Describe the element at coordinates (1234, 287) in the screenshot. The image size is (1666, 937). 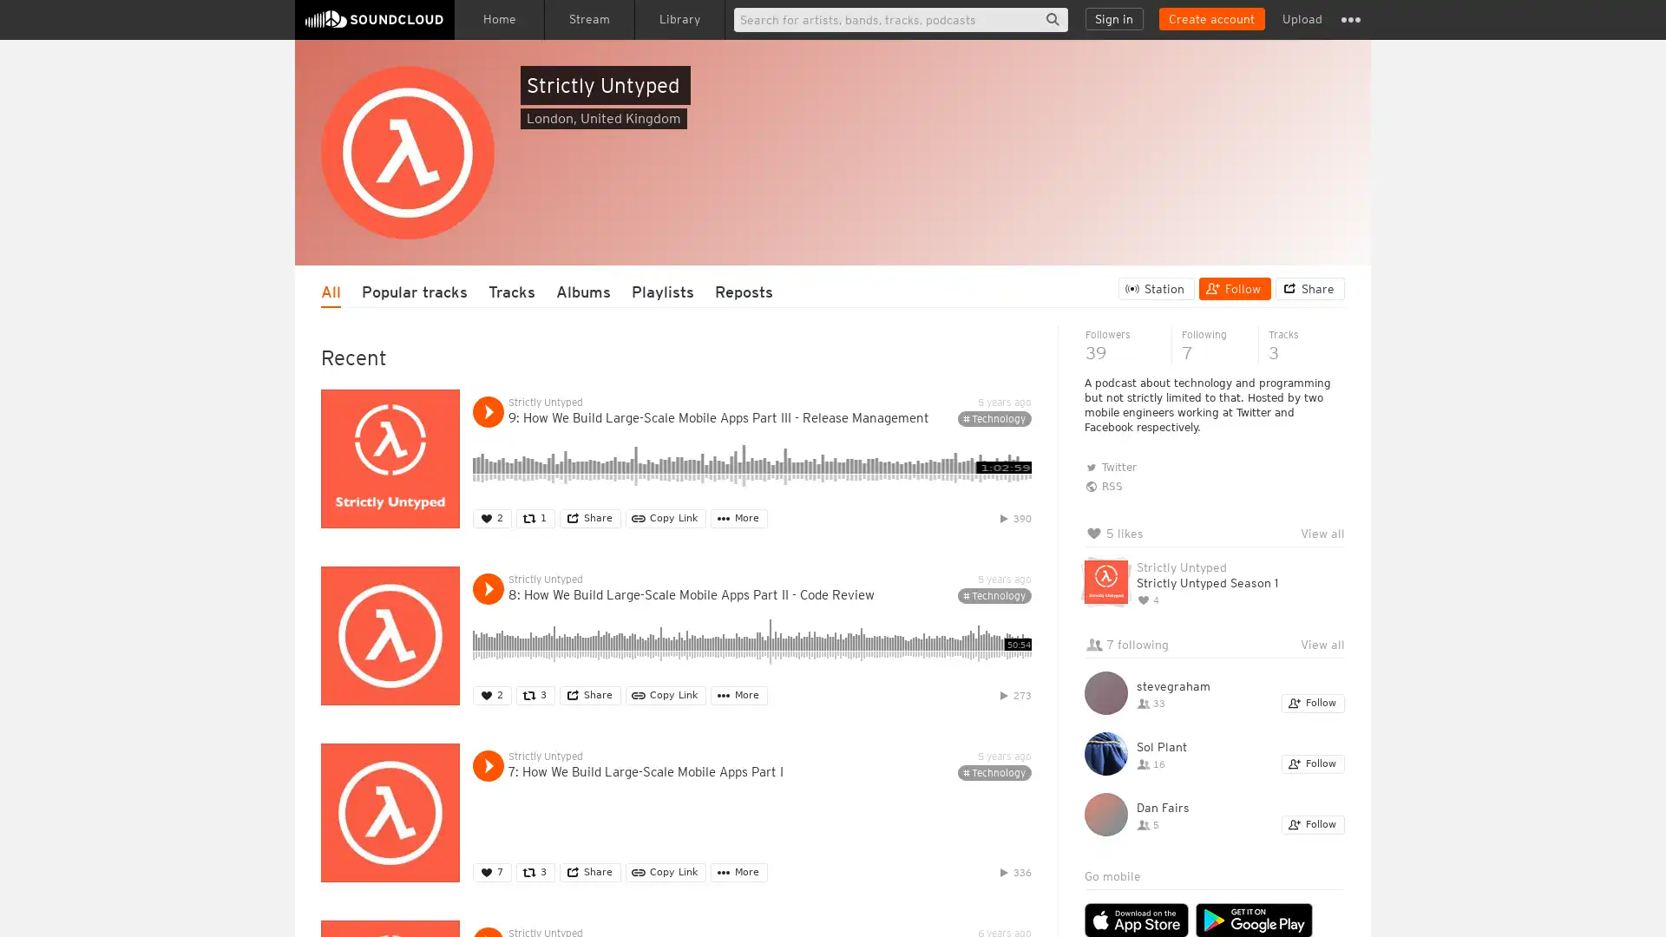
I see `Follow` at that location.